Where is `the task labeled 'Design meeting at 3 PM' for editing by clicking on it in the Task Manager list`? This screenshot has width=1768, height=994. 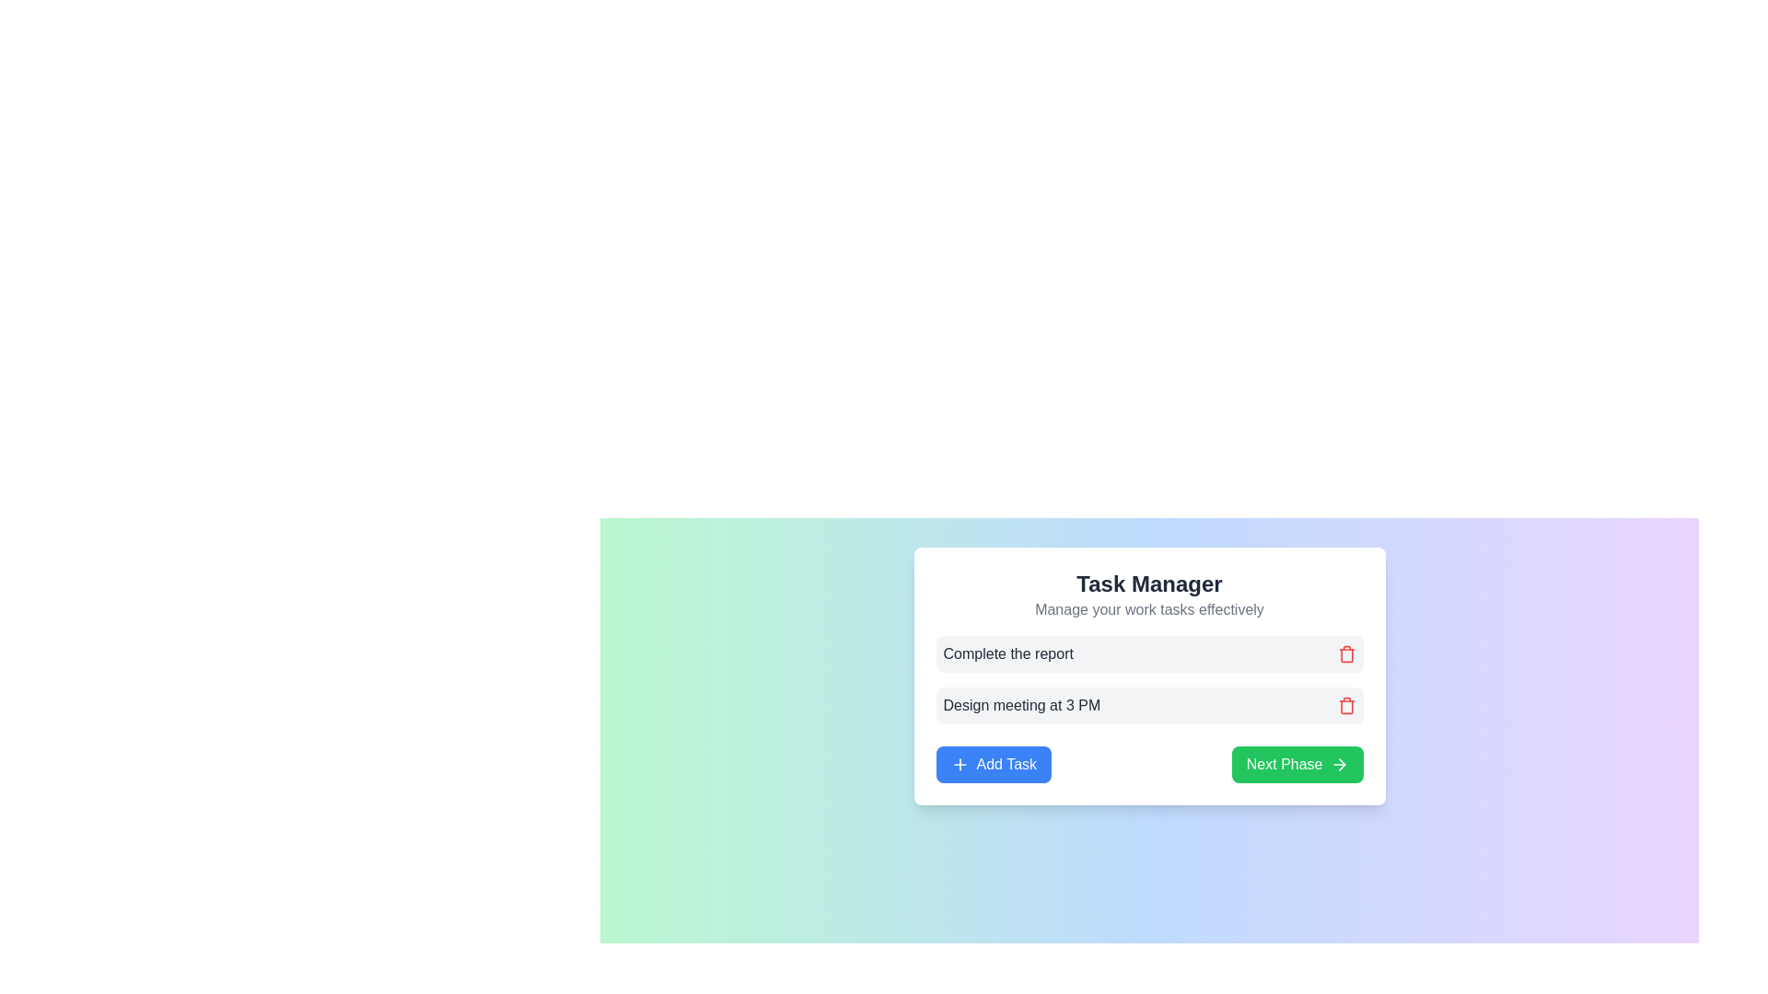 the task labeled 'Design meeting at 3 PM' for editing by clicking on it in the Task Manager list is located at coordinates (1148, 705).